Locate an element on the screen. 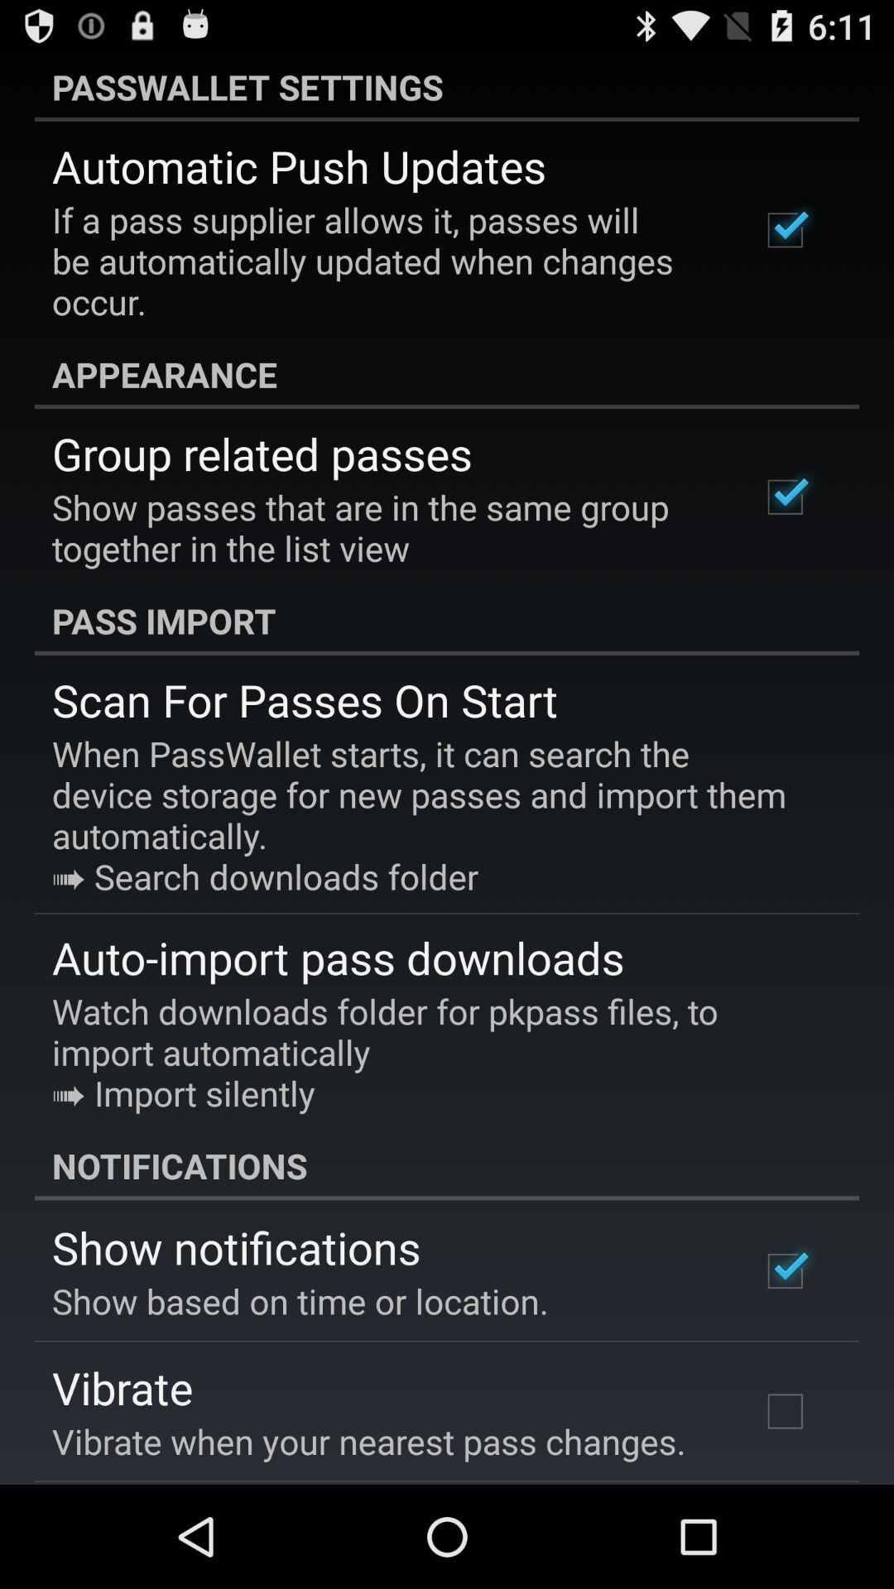  app above the if a pass icon is located at coordinates (299, 166).